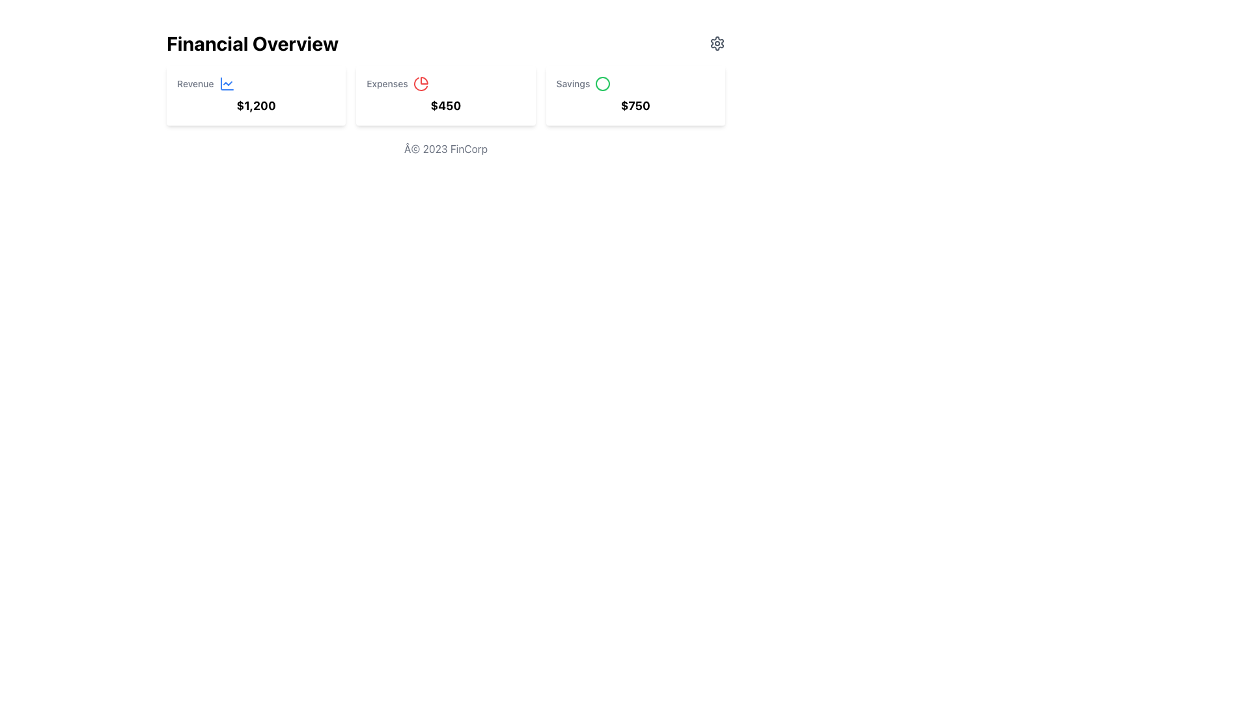 The width and height of the screenshot is (1250, 703). I want to click on the Settings button icon, which is a gray cogwheel located at the top-right corner near the 'Financial Overview' title, so click(717, 42).